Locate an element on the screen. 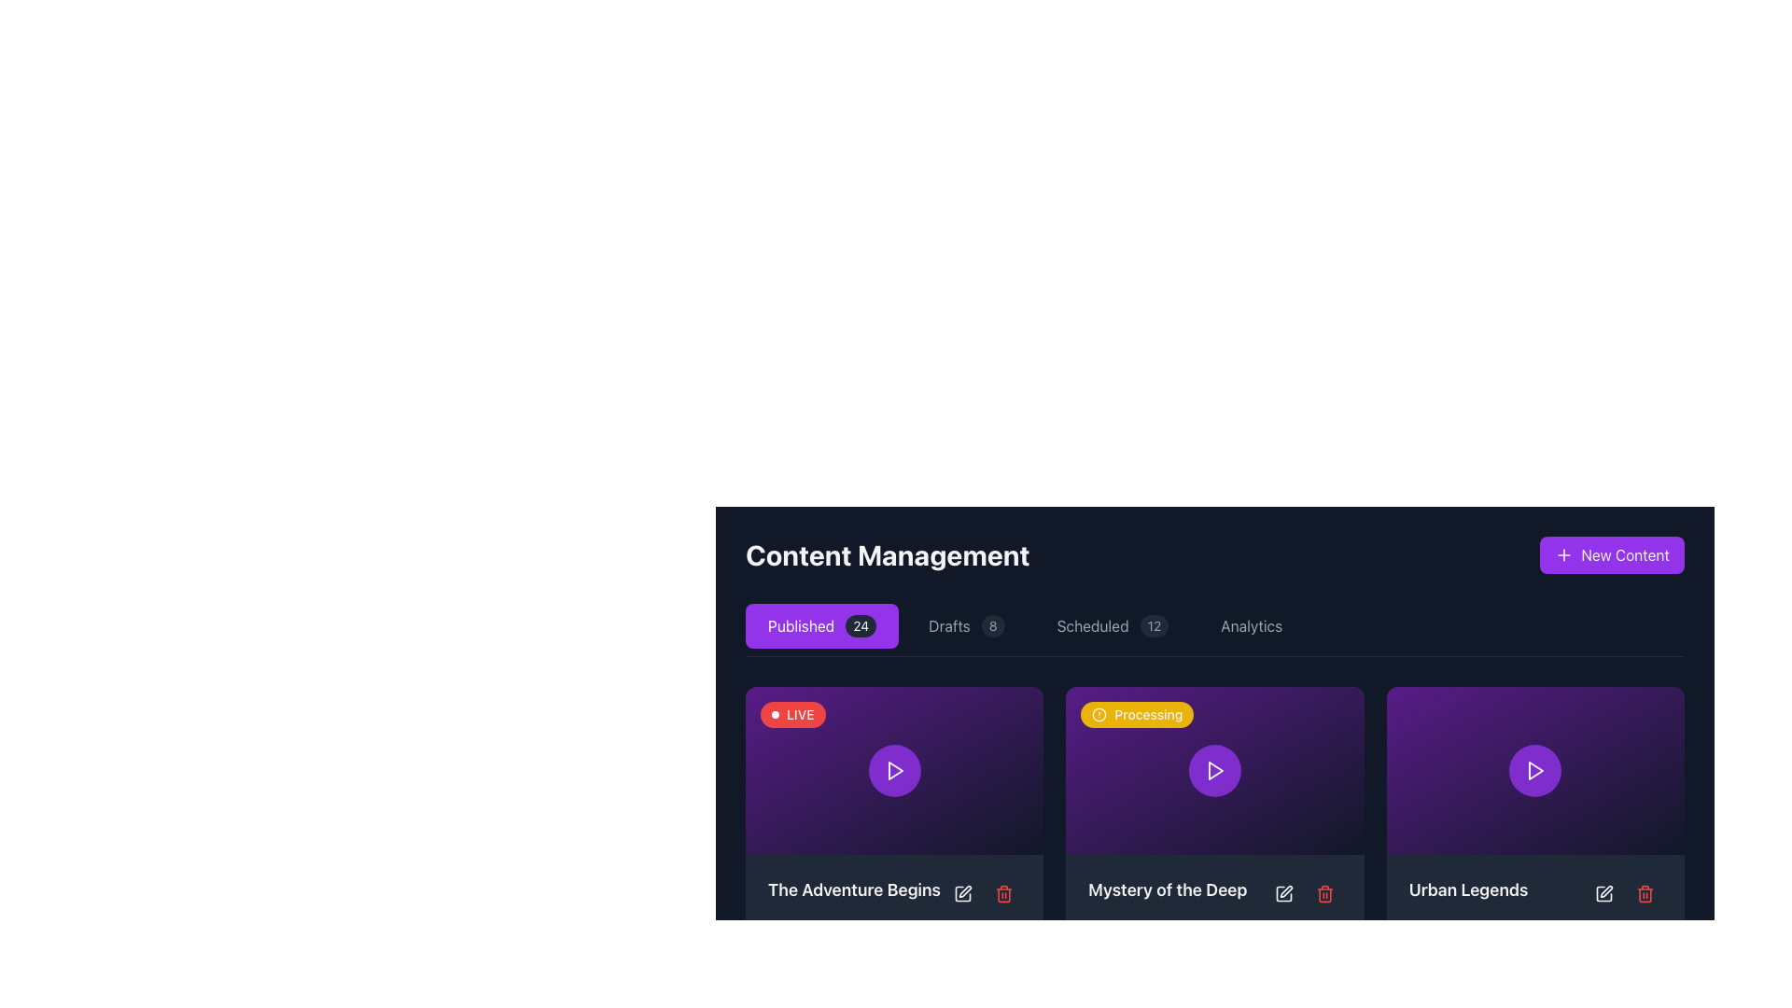 Image resolution: width=1792 pixels, height=1008 pixels. the Interactive content card with a play button is located at coordinates (893, 770).